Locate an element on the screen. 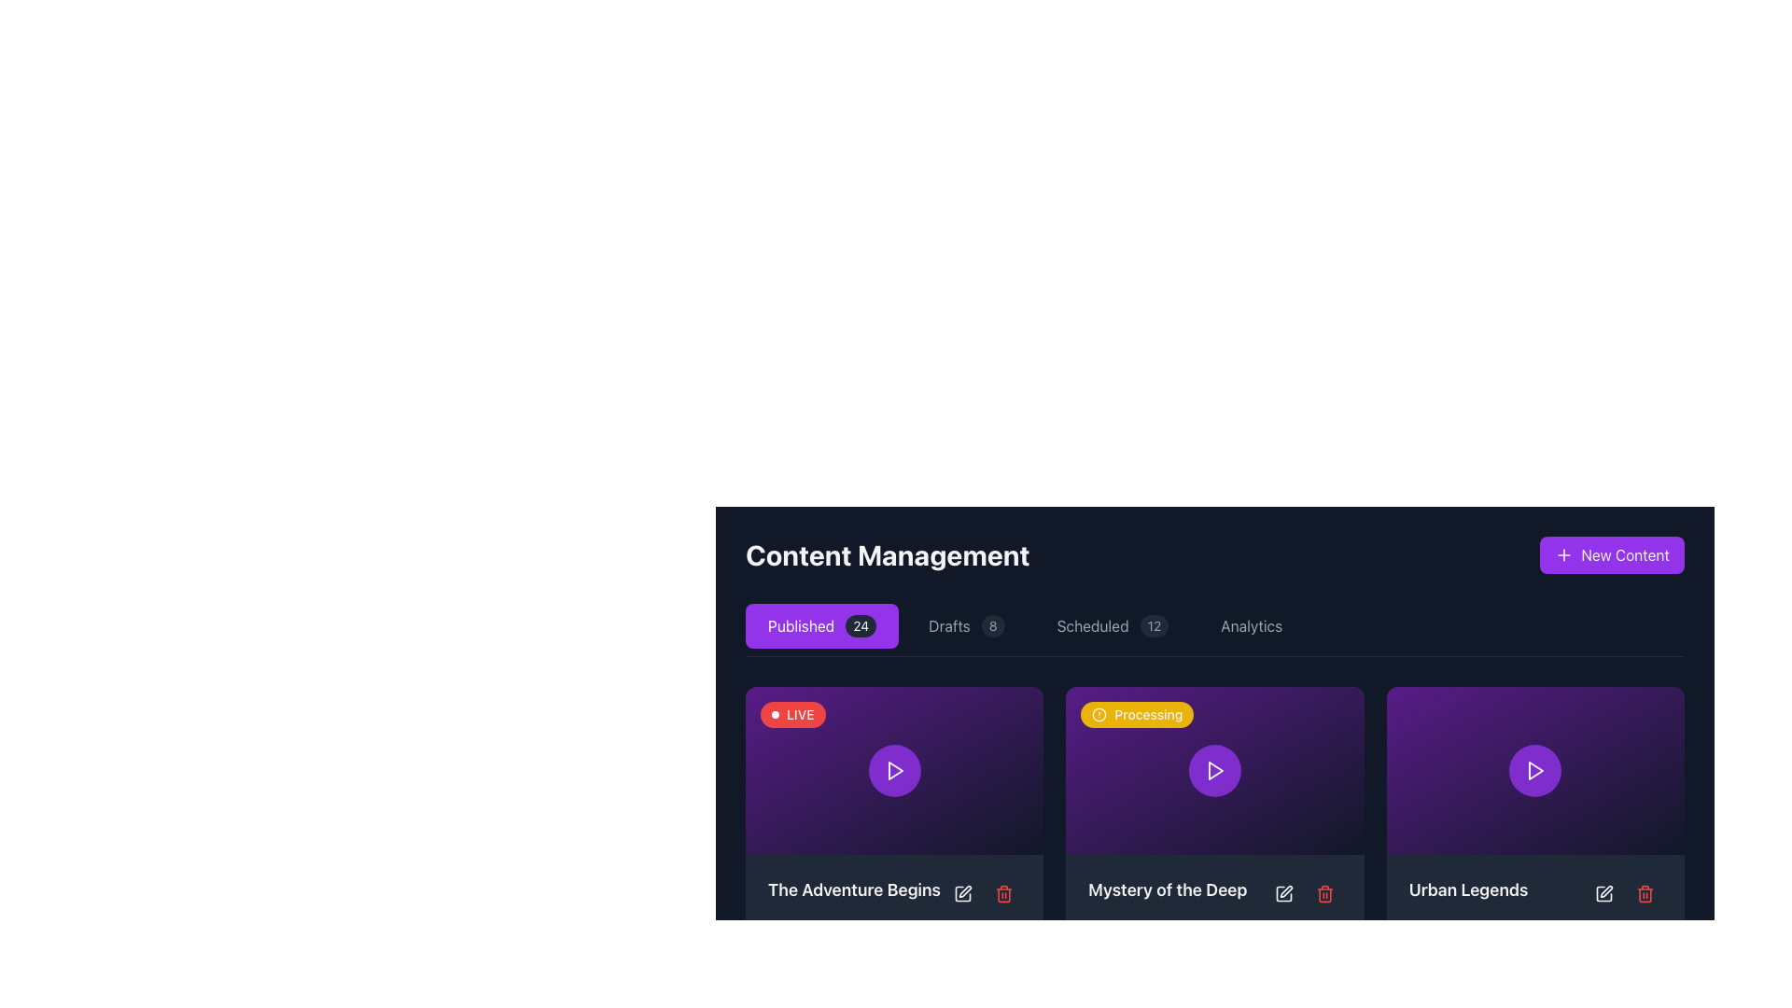 Image resolution: width=1792 pixels, height=1008 pixels. the Interactive content card with a play button is located at coordinates (893, 770).